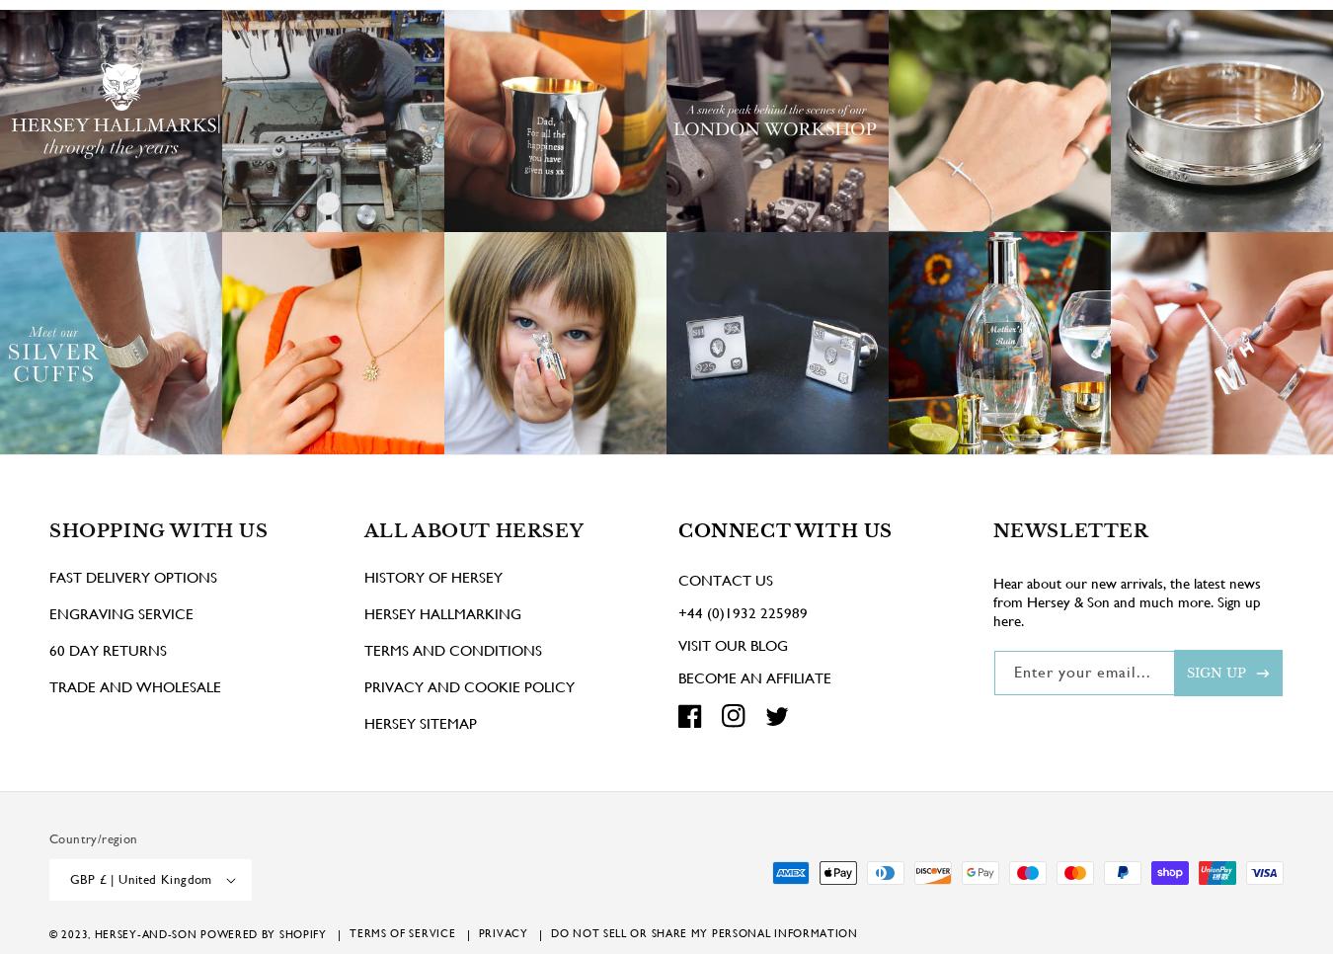 This screenshot has width=1333, height=954. I want to click on 'Sign Up', so click(1215, 699).